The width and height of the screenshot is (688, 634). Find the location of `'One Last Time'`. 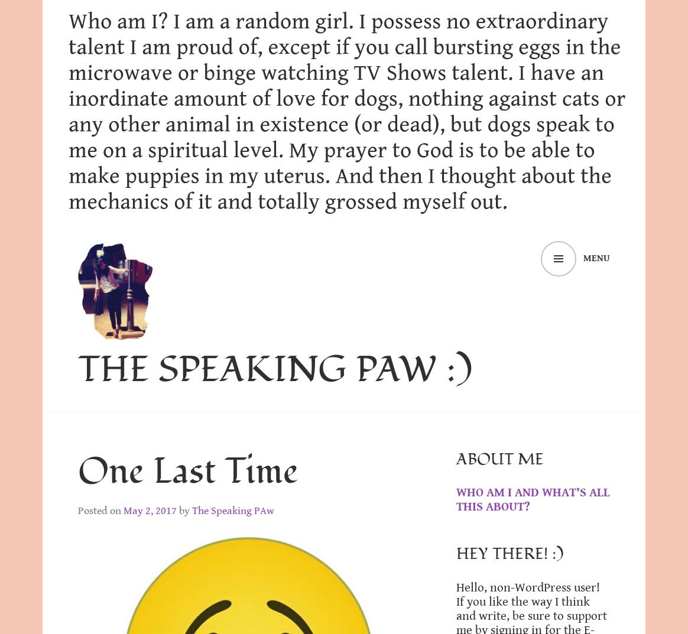

'One Last Time' is located at coordinates (188, 471).